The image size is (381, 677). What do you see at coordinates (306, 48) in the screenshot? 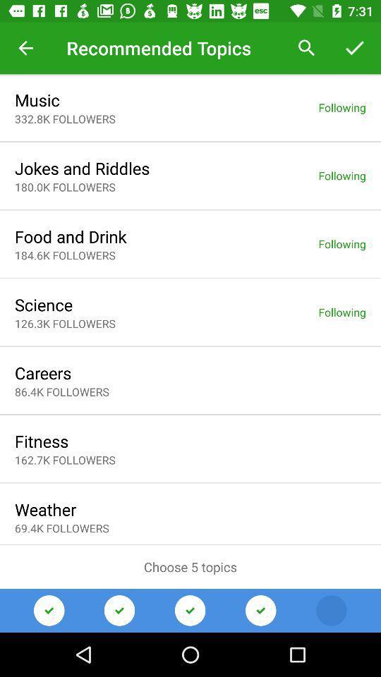
I see `the icon next to the recommended topics item` at bounding box center [306, 48].